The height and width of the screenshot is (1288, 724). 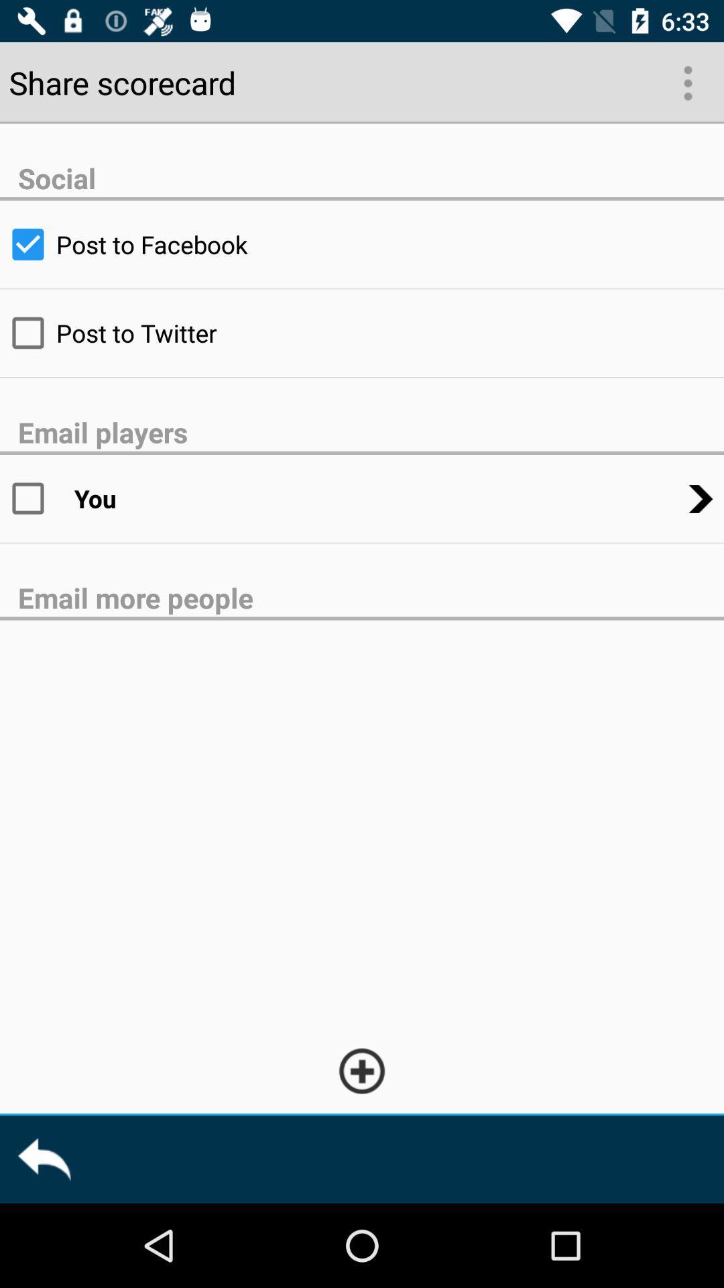 I want to click on open add more option, so click(x=362, y=1070).